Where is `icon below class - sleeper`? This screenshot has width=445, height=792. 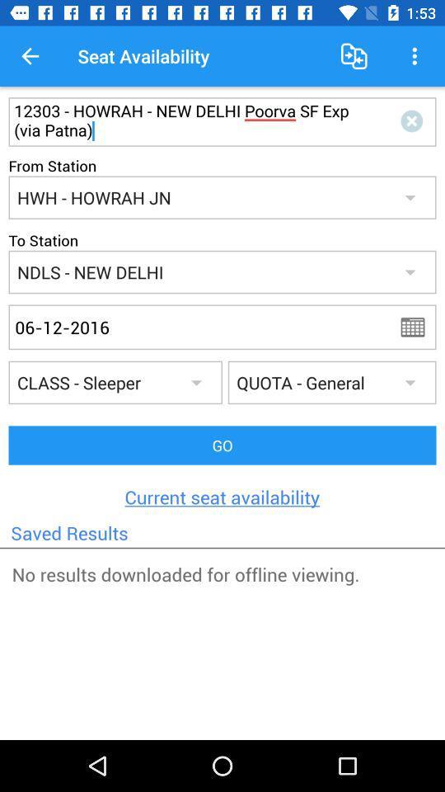
icon below class - sleeper is located at coordinates (222, 445).